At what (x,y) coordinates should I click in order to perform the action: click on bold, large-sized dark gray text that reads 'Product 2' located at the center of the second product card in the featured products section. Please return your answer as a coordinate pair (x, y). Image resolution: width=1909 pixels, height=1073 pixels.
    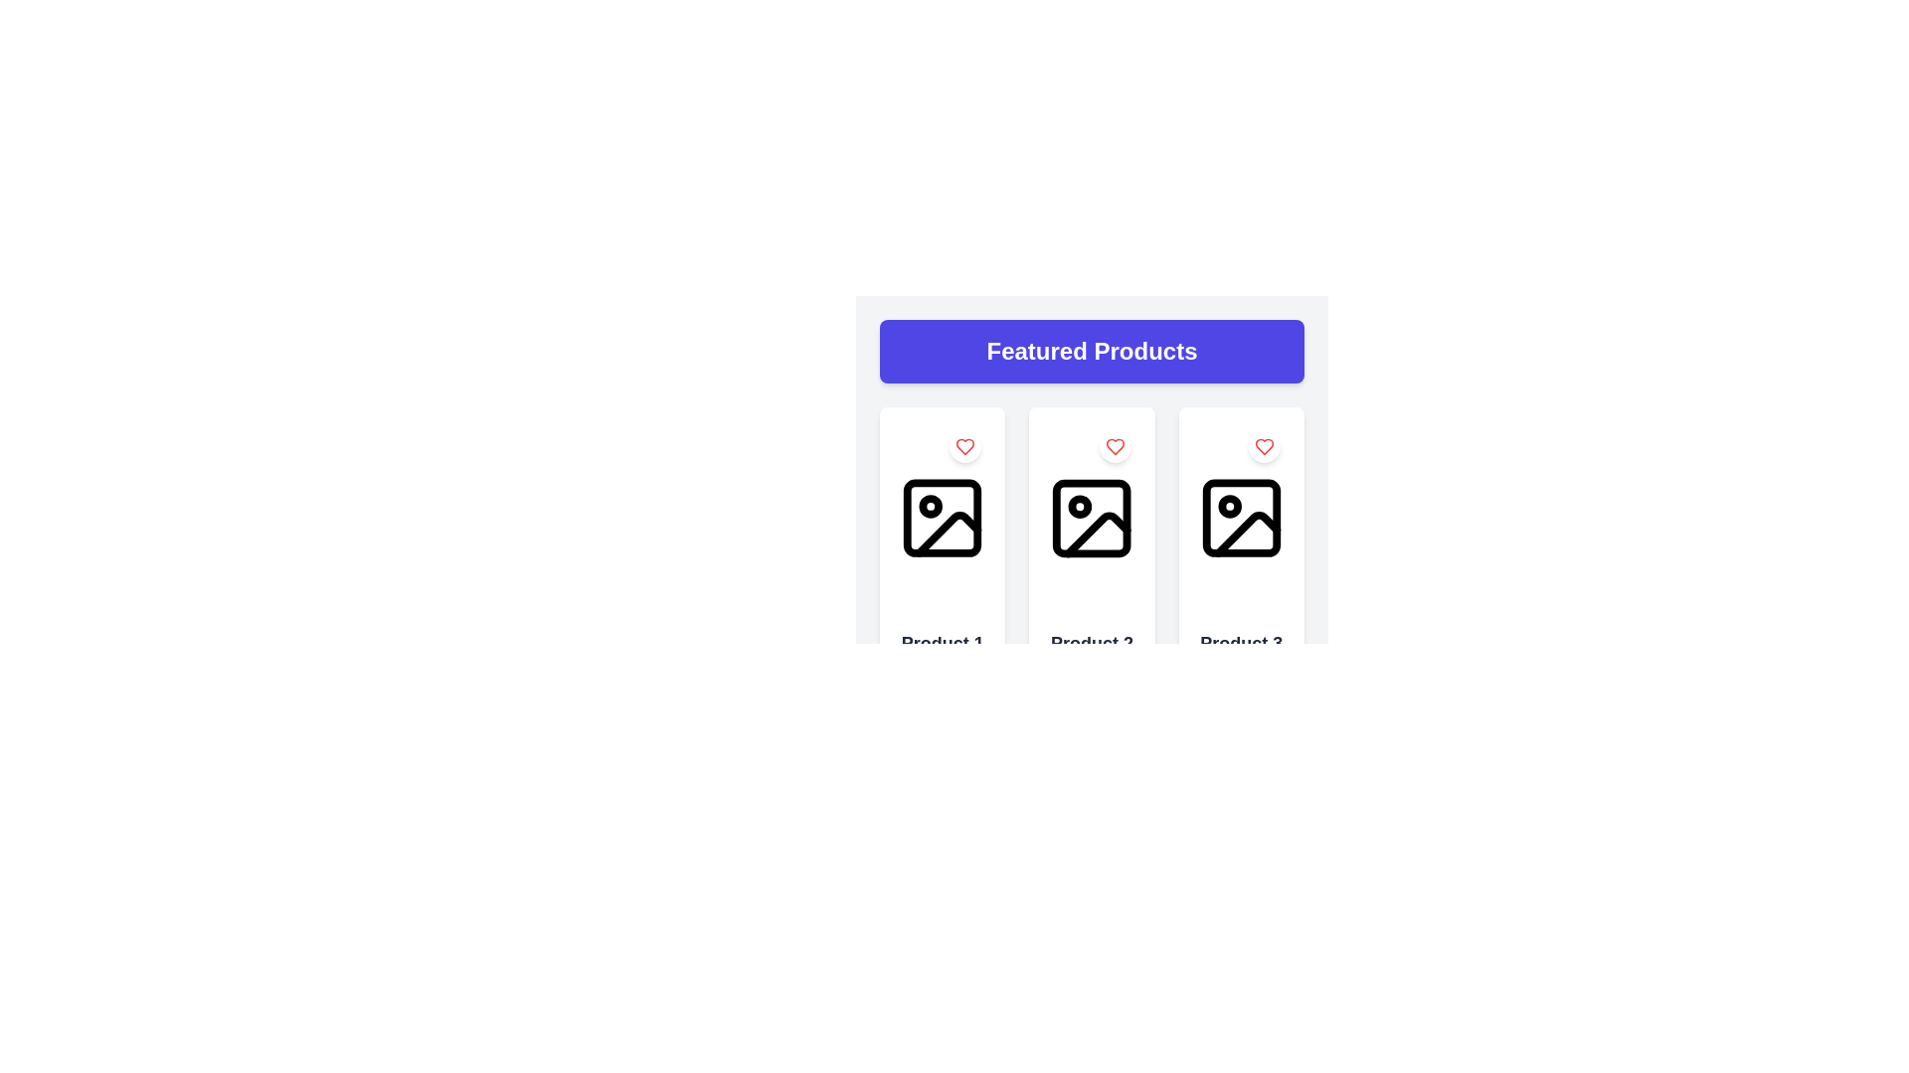
    Looking at the image, I should click on (1091, 644).